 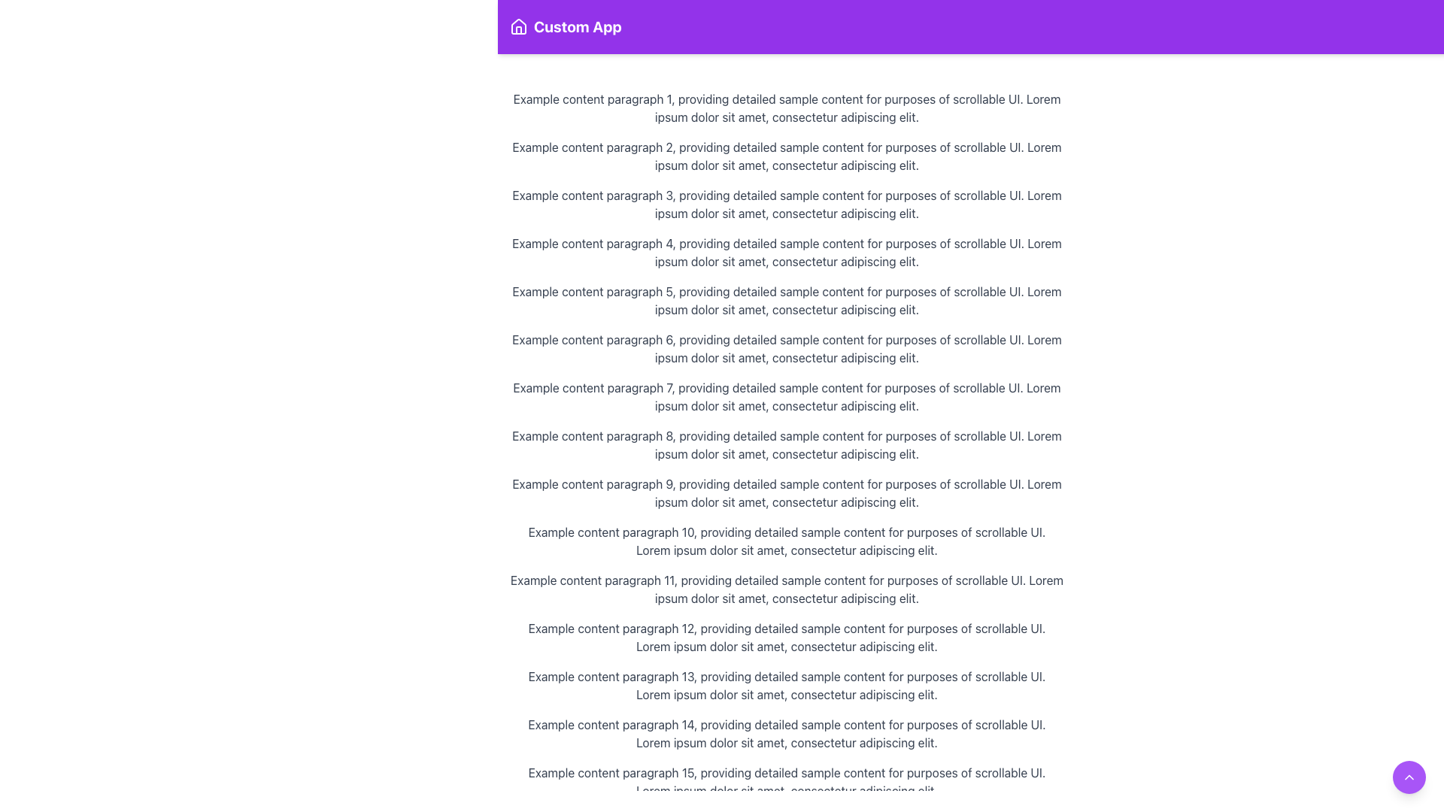 I want to click on the text content block that starts with 'Example content paragraph 7', which is styled with a gray font color against a white background and is the seventh item in a scrollable list of paragraphs, so click(x=786, y=396).